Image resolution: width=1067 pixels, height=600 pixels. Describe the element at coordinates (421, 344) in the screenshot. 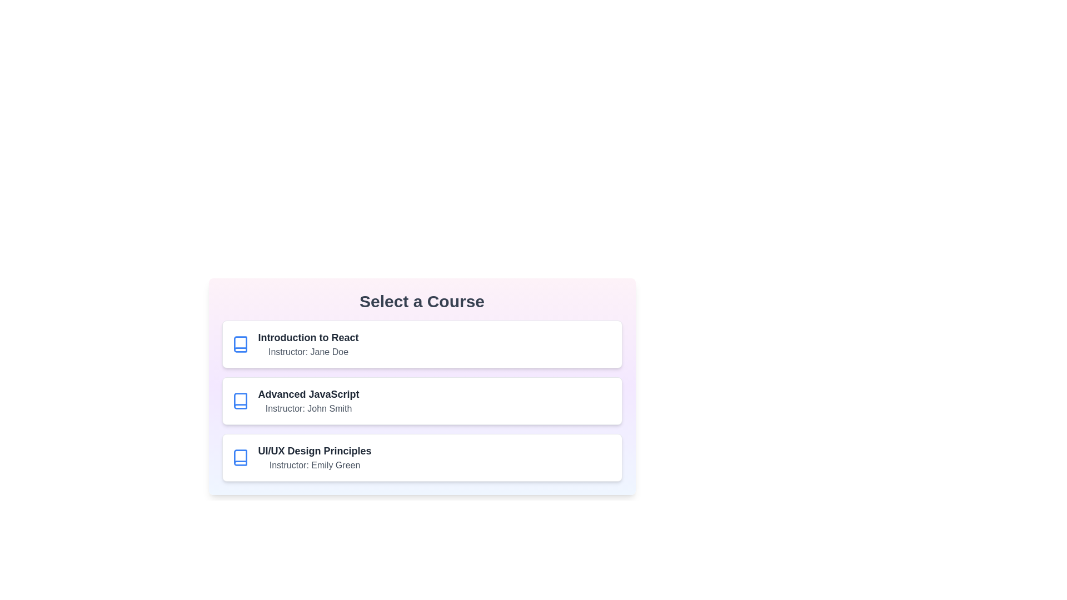

I see `the course Introduction to React` at that location.